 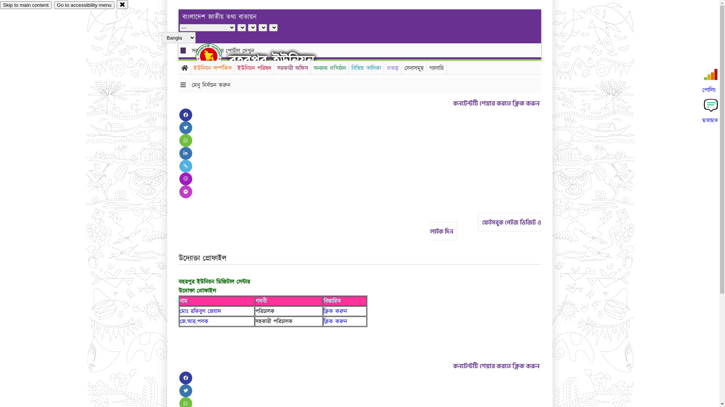 What do you see at coordinates (26, 5) in the screenshot?
I see `'Skip to main content'` at bounding box center [26, 5].